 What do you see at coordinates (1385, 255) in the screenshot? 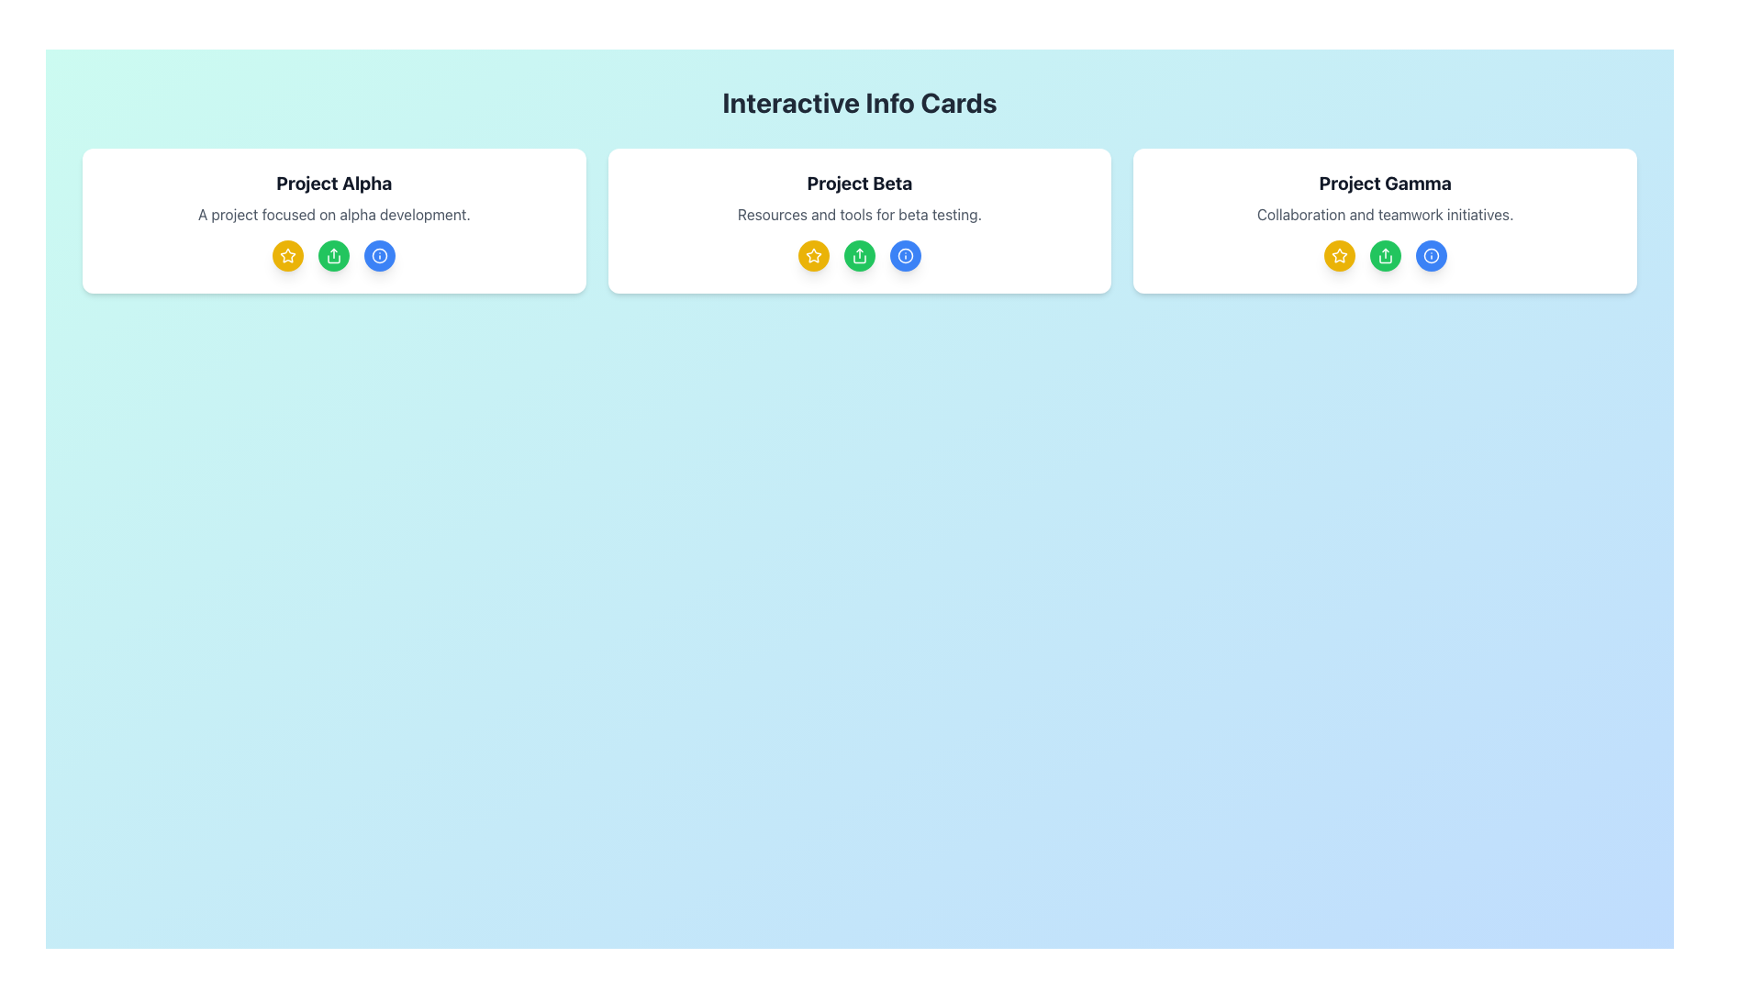
I see `the green circular button with an 'up arrow' icon located at the center-bottom section of the 'Project Gamma' card` at bounding box center [1385, 255].